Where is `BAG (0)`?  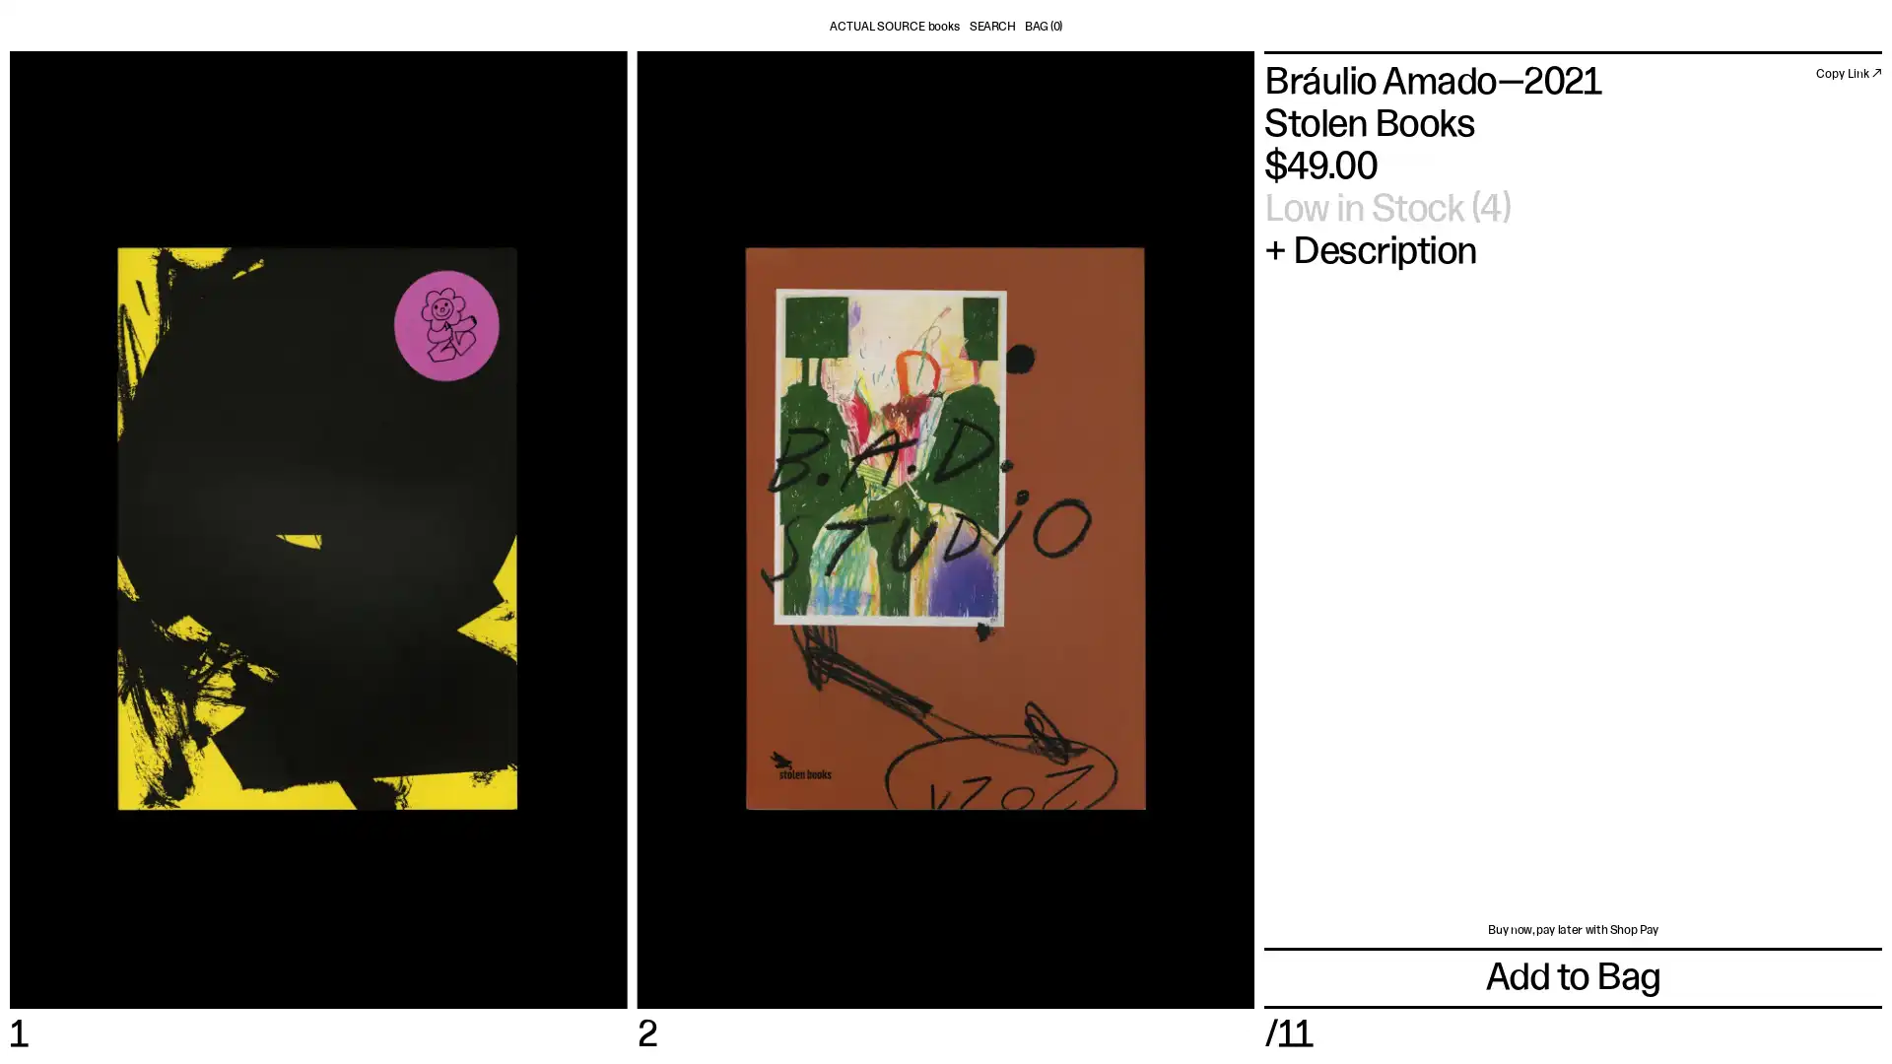
BAG (0) is located at coordinates (1042, 27).